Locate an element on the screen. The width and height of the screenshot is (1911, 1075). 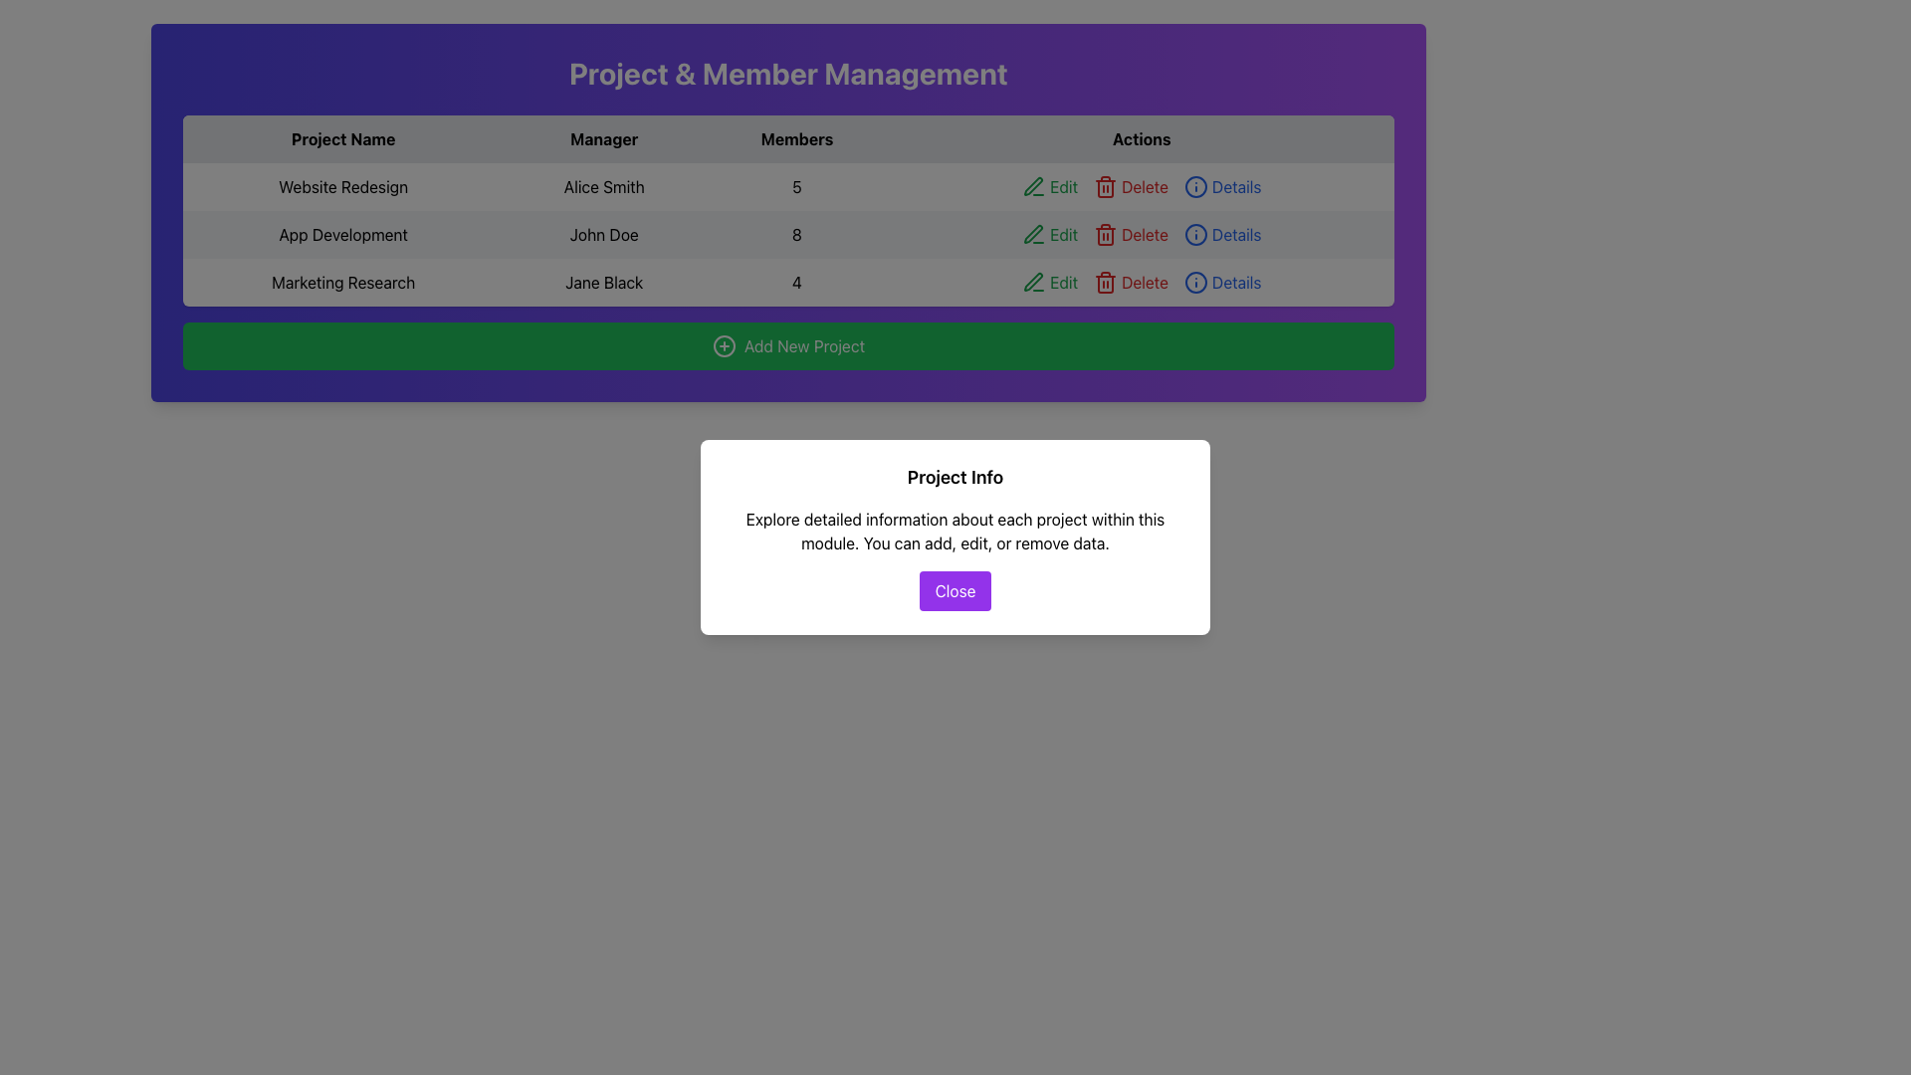
the icon in the 'Actions' column representing the action of viewing detailed information about the row containing 'Website Redesign' is located at coordinates (1194, 187).